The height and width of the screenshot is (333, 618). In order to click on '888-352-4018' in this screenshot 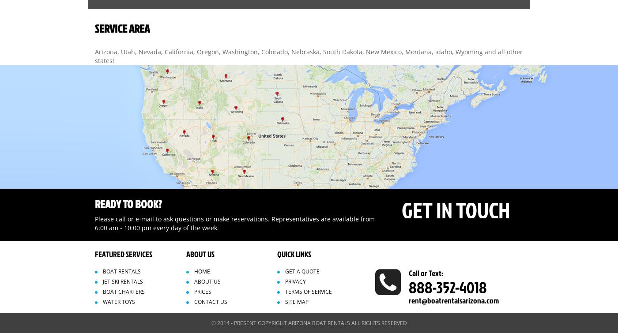, I will do `click(447, 287)`.